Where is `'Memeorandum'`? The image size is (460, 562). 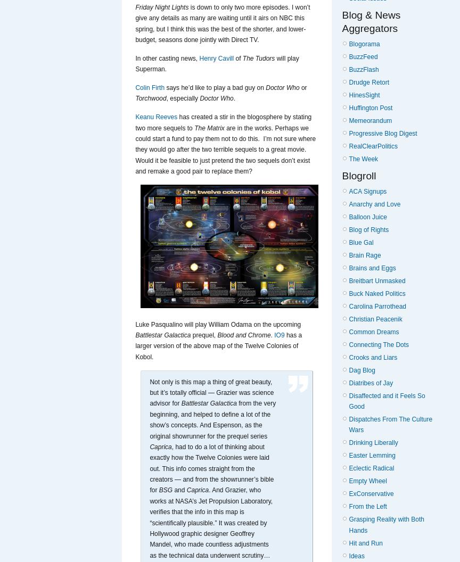 'Memeorandum' is located at coordinates (348, 119).